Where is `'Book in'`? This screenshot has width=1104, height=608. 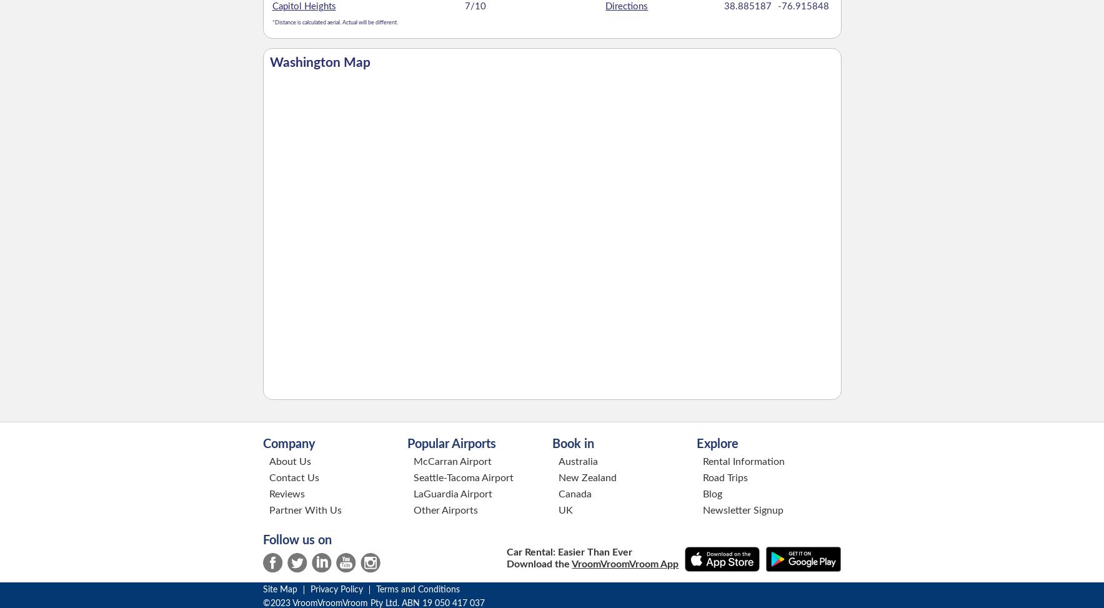 'Book in' is located at coordinates (550, 443).